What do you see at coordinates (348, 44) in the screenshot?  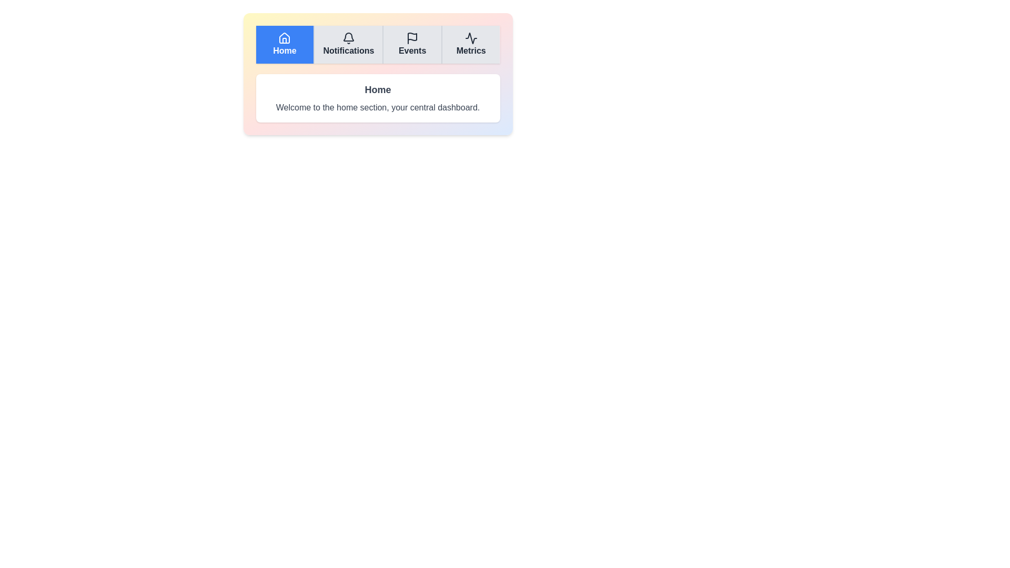 I see `the Notifications tab` at bounding box center [348, 44].